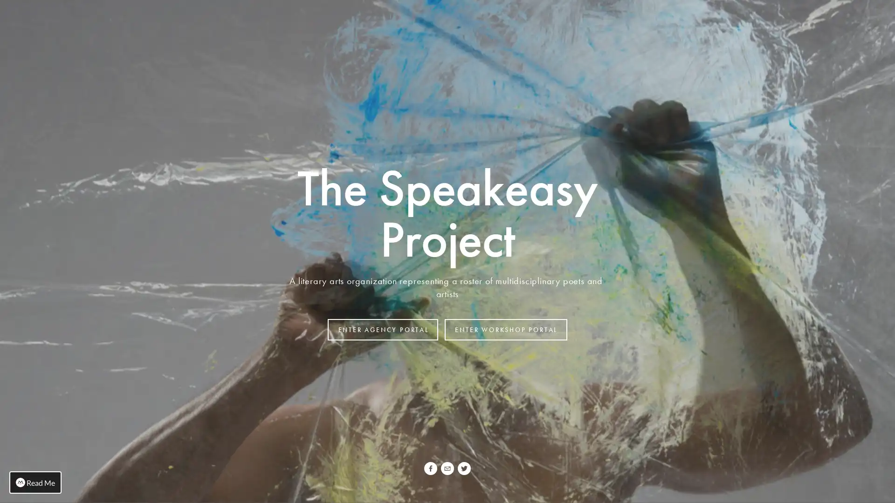  I want to click on Read Me, so click(35, 482).